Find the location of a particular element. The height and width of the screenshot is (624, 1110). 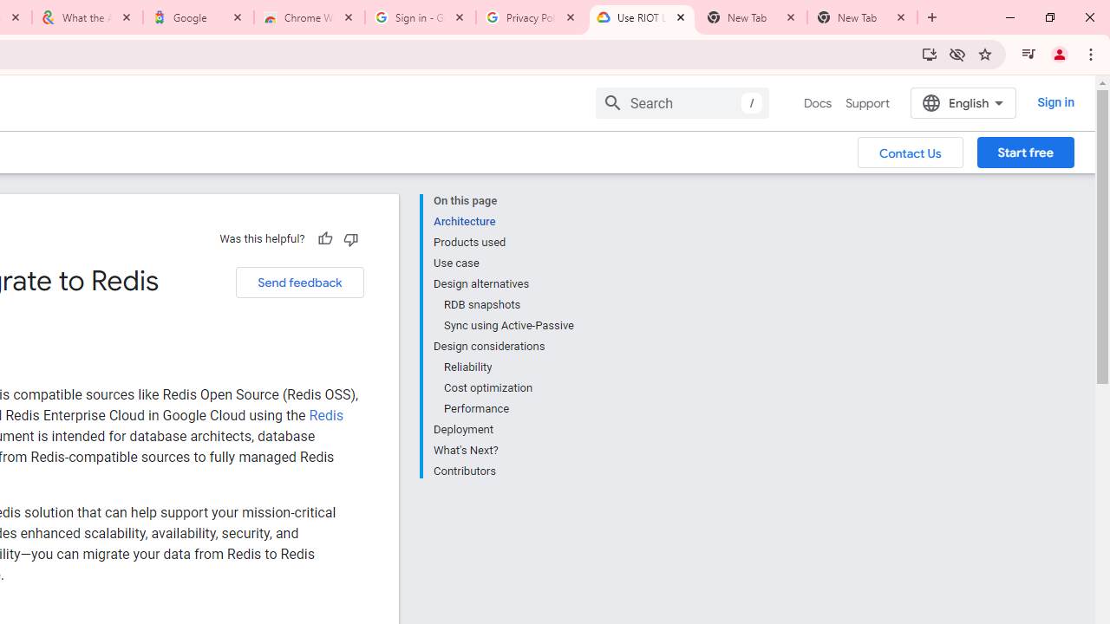

'Products used' is located at coordinates (502, 243).